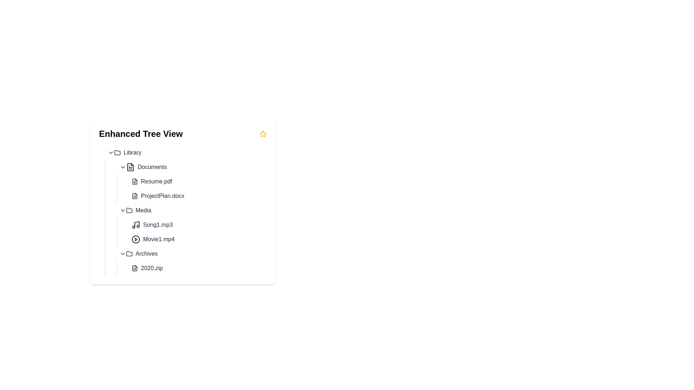 The image size is (694, 390). Describe the element at coordinates (192, 261) in the screenshot. I see `the file entry named '2020.zip' located in the 'Archives' section of the folder structure` at that location.